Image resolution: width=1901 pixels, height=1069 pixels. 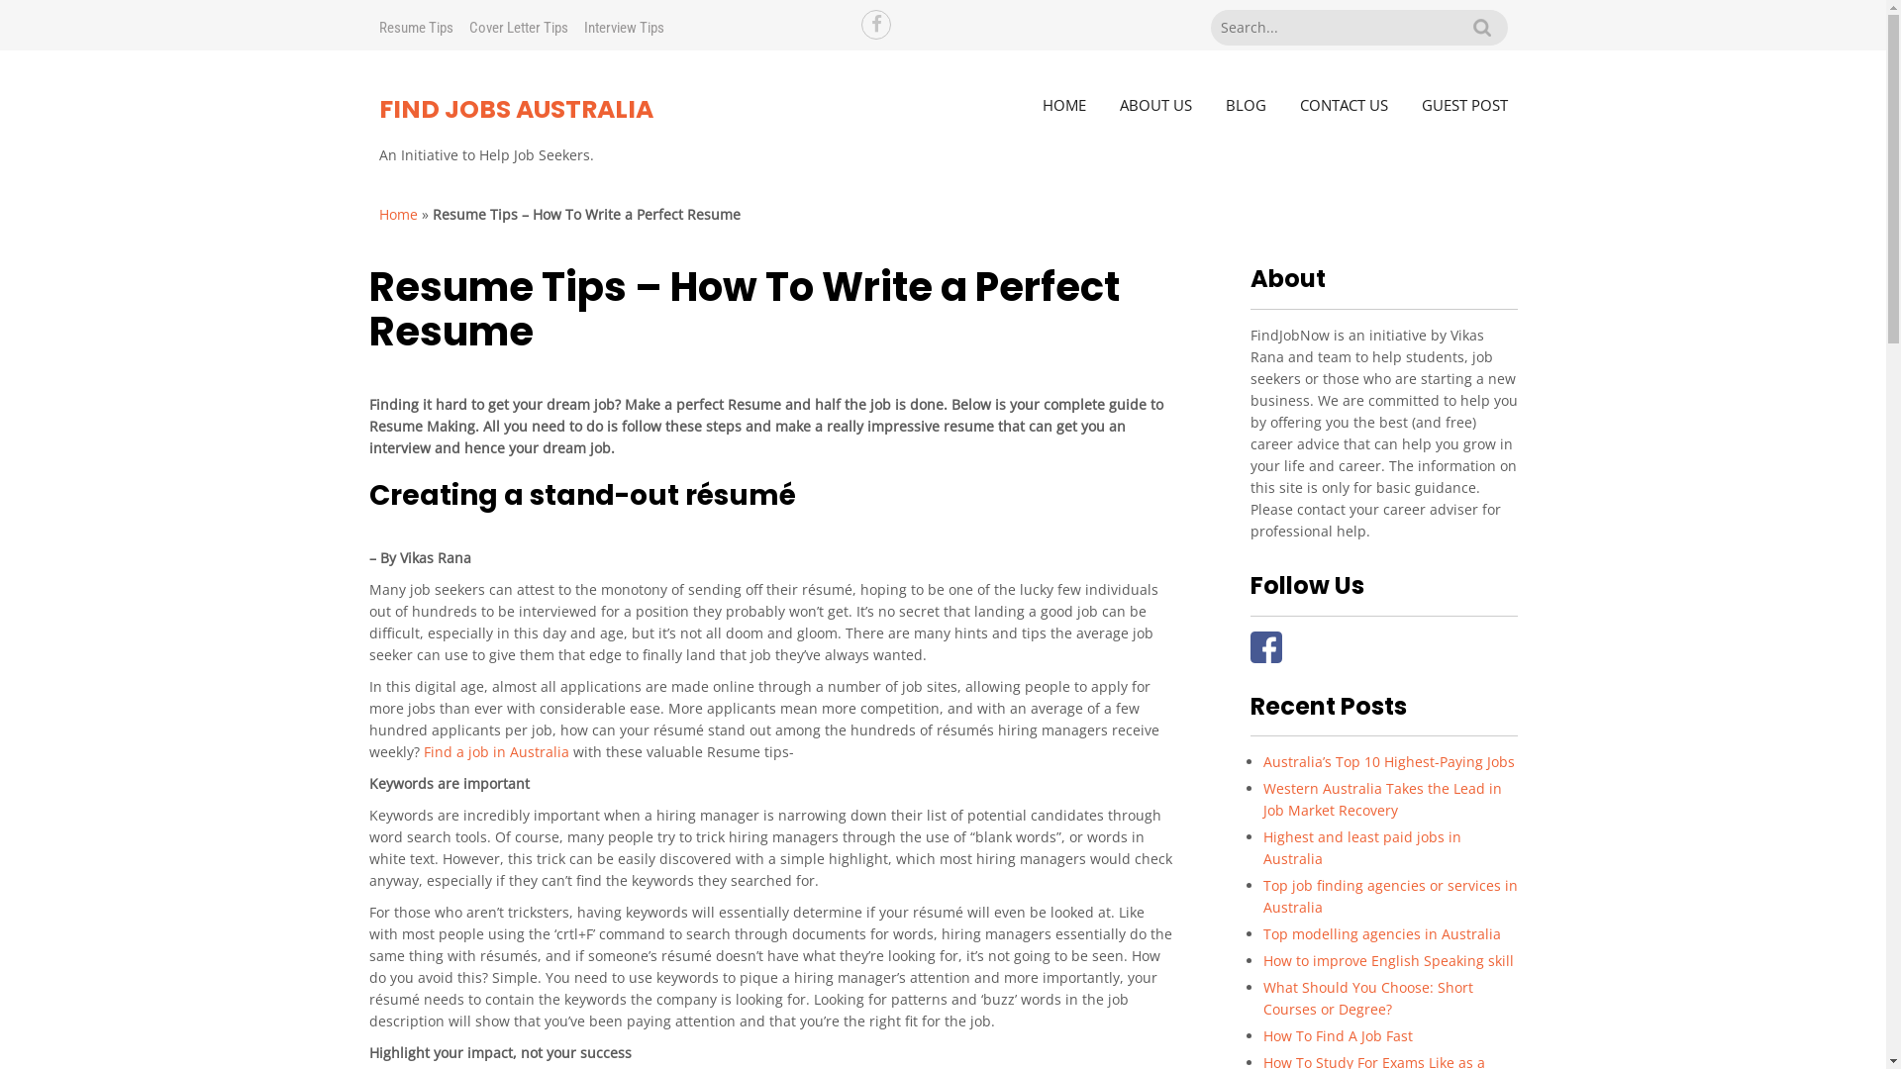 I want to click on 'Search', so click(x=1471, y=27).